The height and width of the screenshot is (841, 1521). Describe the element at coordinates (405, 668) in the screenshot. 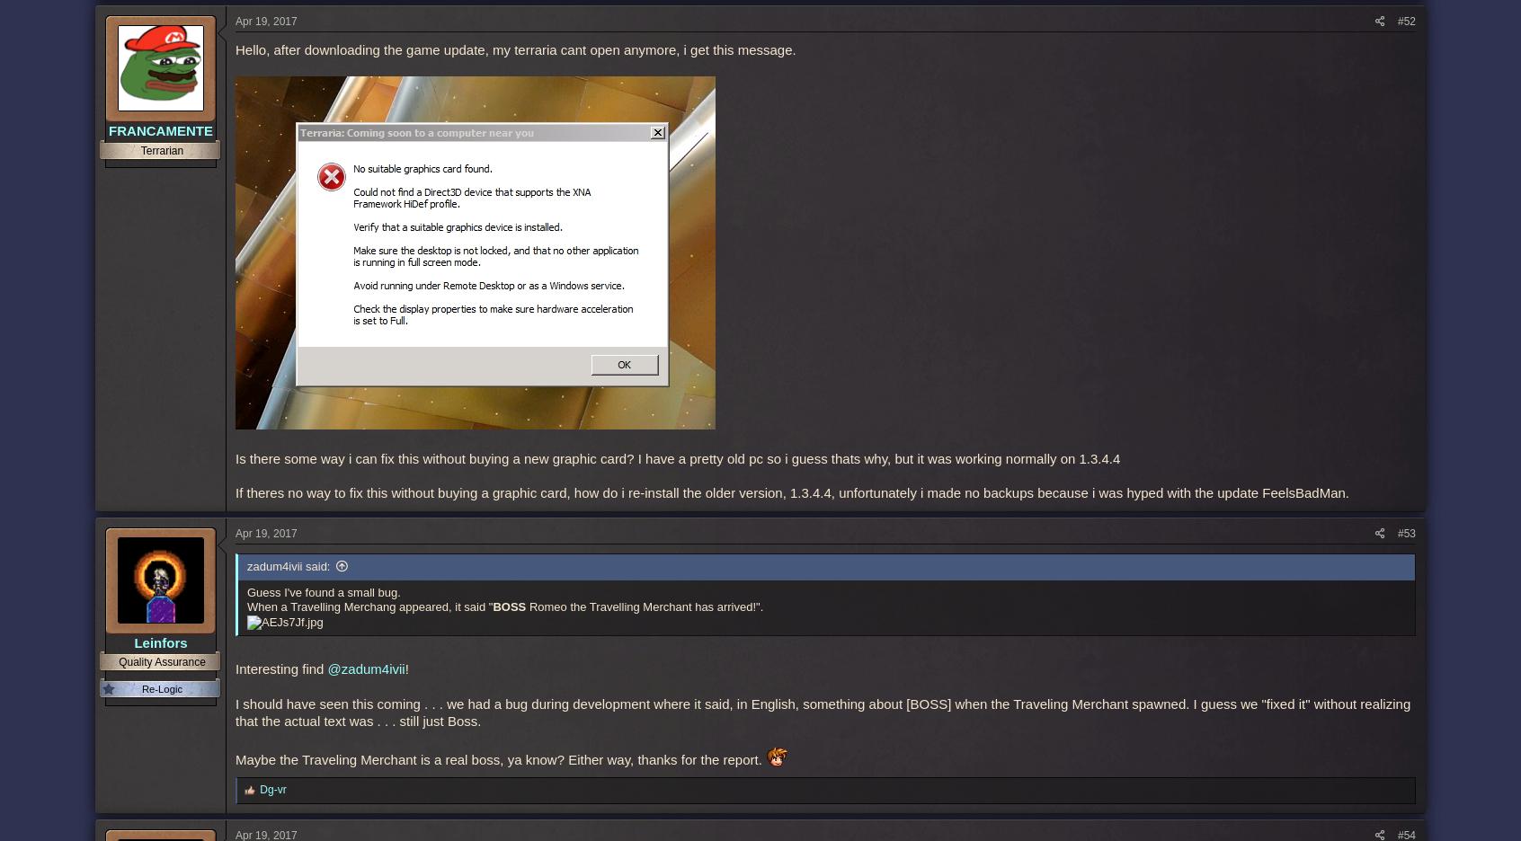

I see `'!'` at that location.